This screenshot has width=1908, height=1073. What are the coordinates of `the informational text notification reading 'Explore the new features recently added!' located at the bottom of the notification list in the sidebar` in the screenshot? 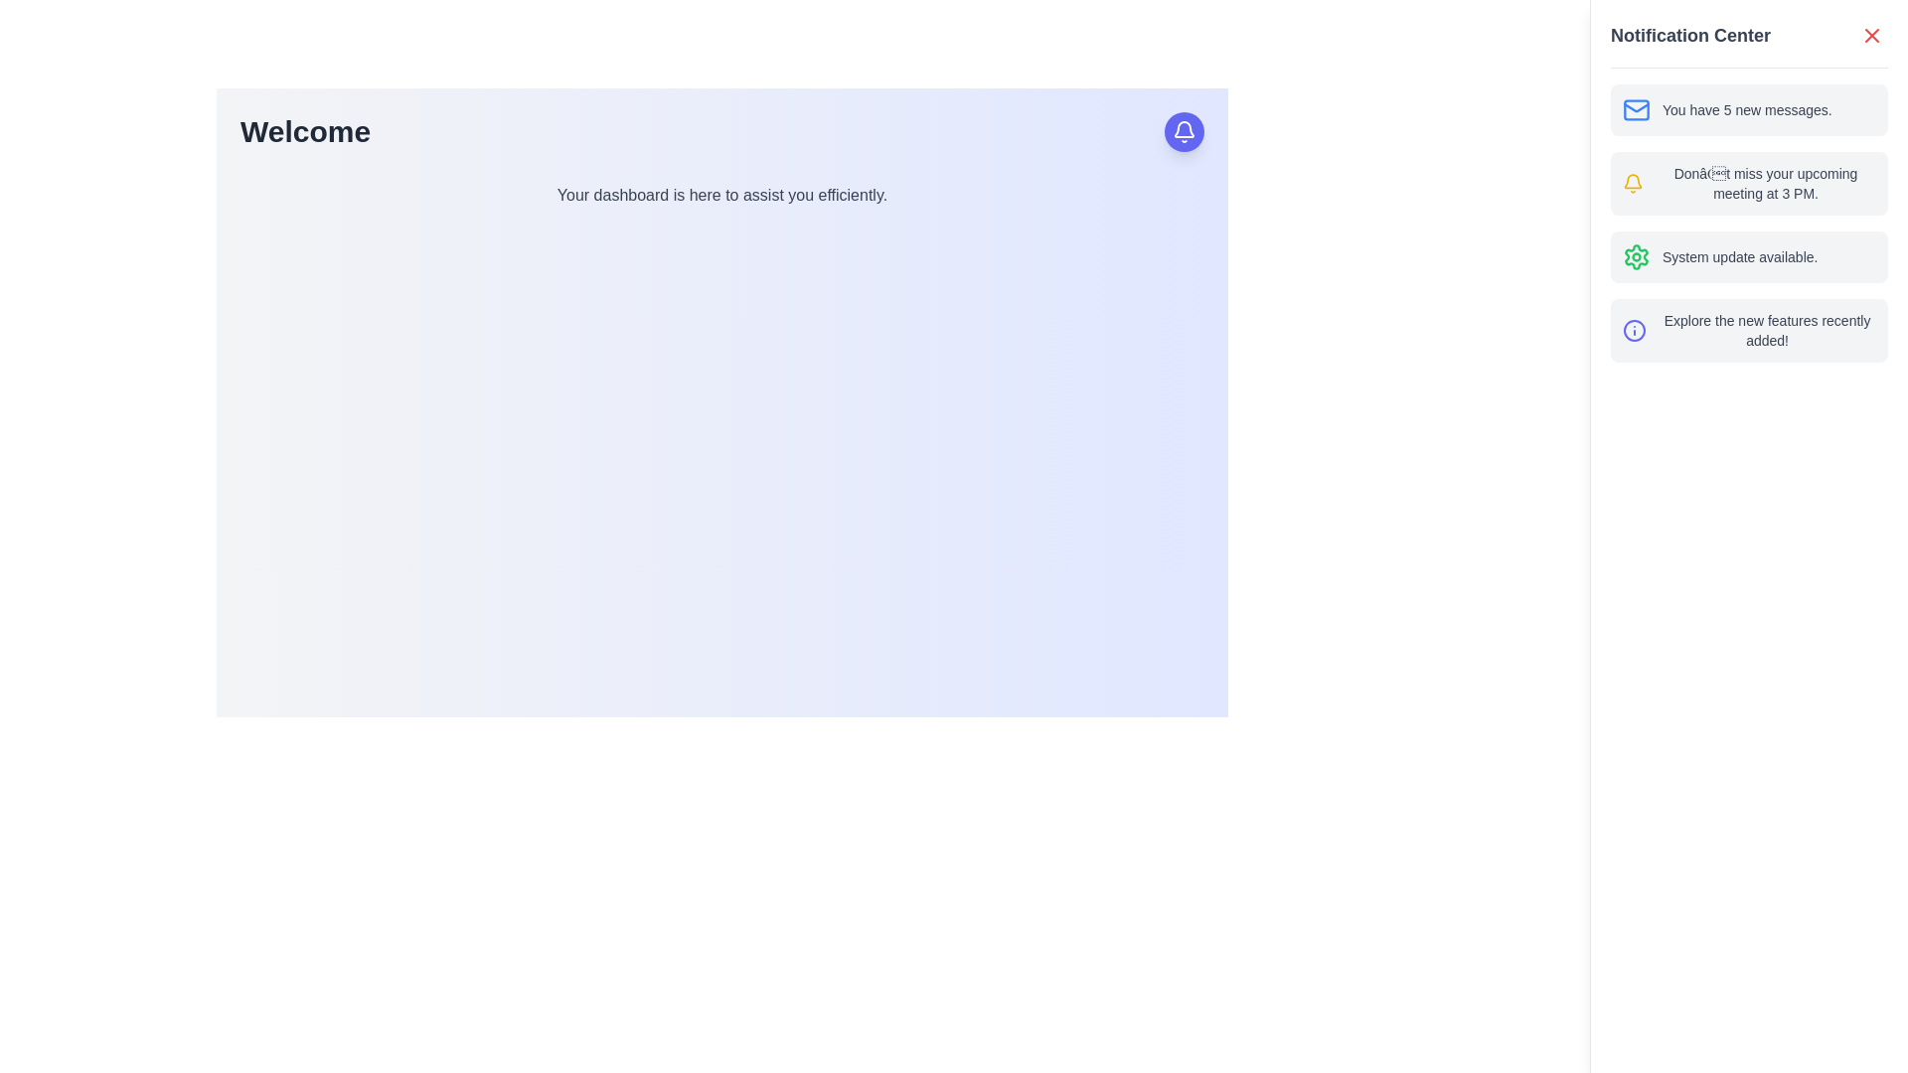 It's located at (1767, 329).